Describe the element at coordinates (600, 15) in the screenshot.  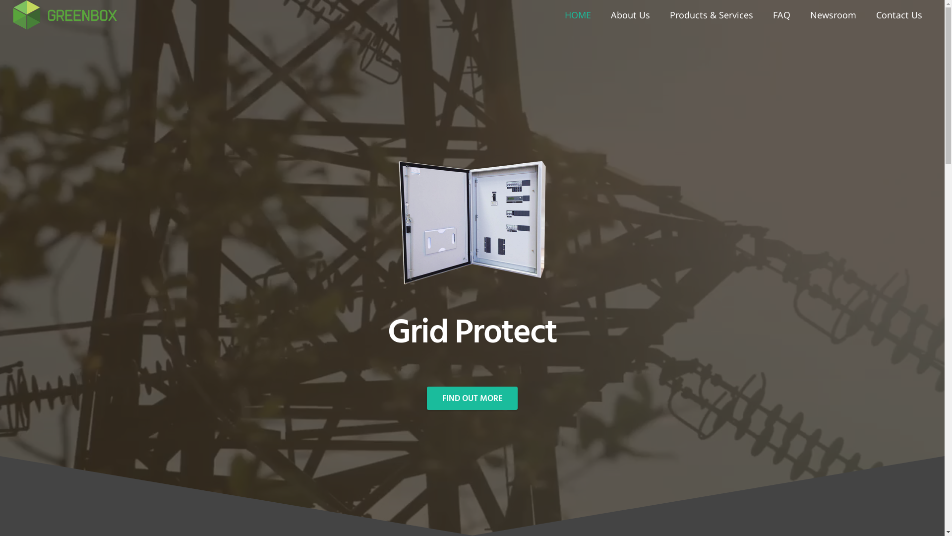
I see `'About Us'` at that location.